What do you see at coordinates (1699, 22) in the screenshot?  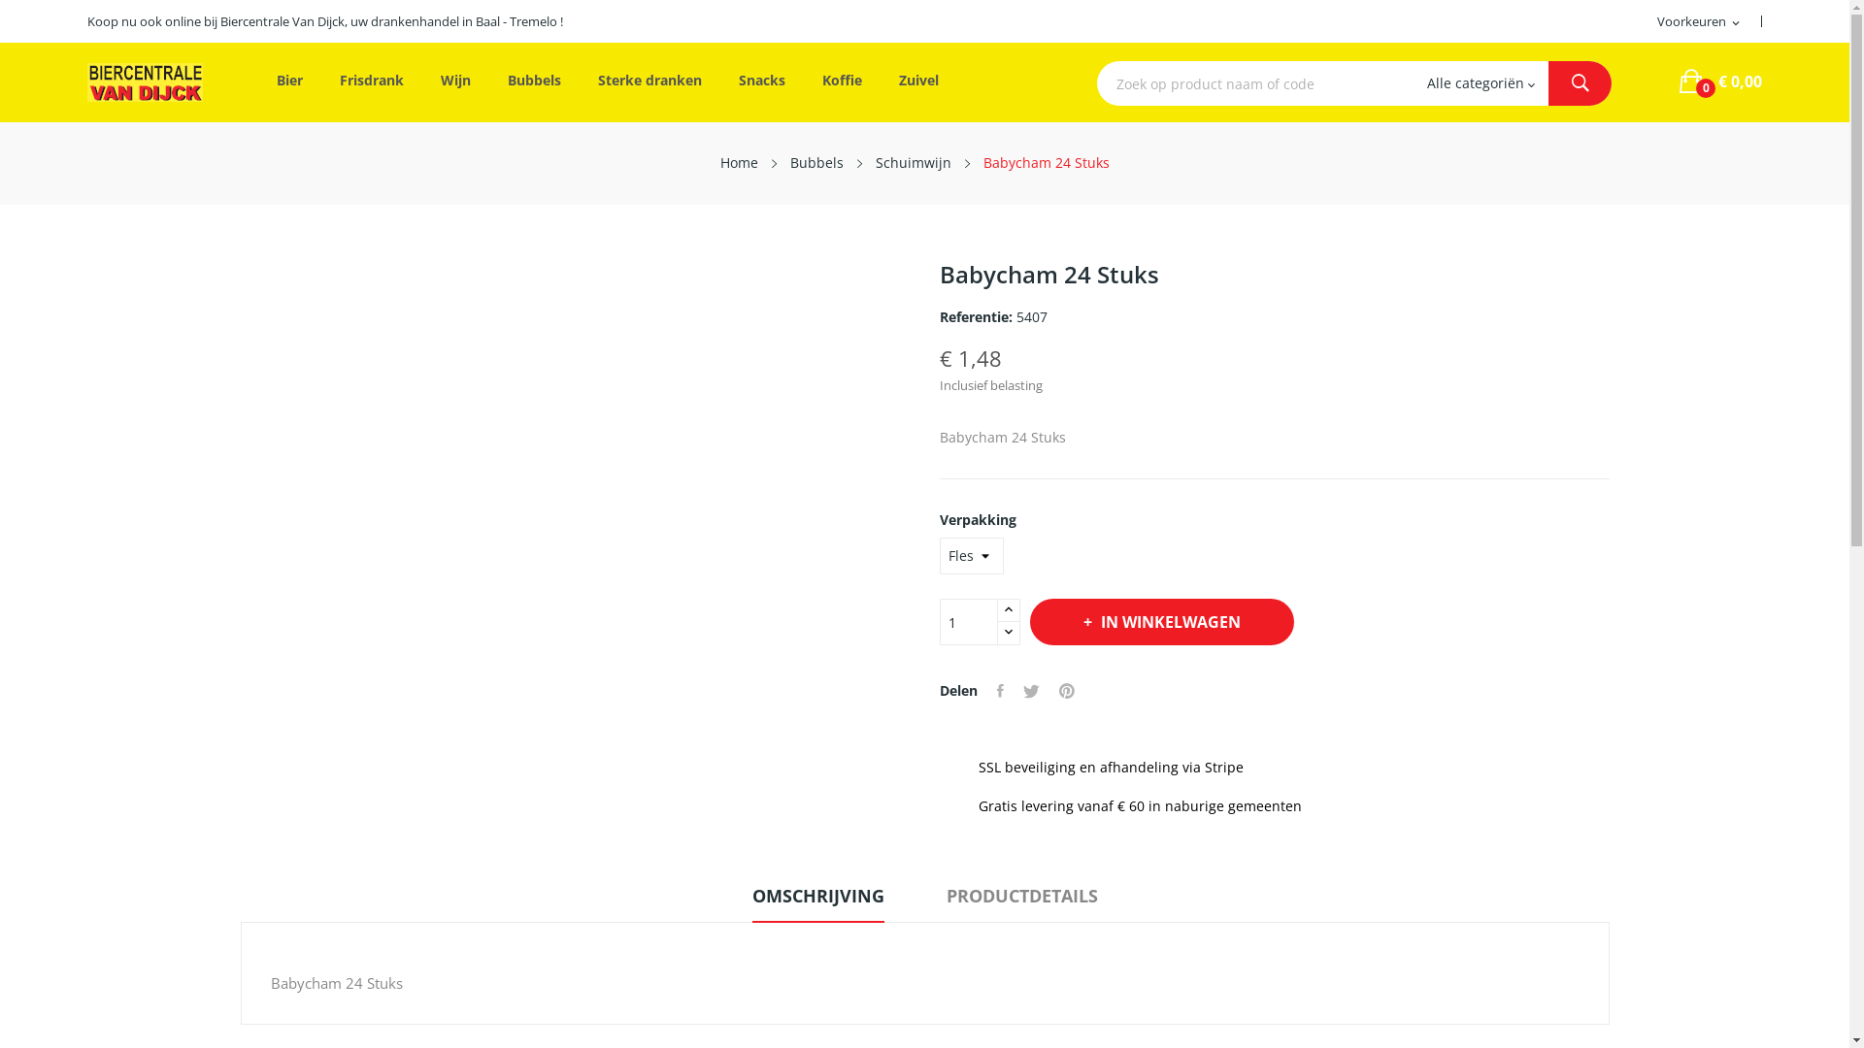 I see `'Voorkeuren expand_more'` at bounding box center [1699, 22].